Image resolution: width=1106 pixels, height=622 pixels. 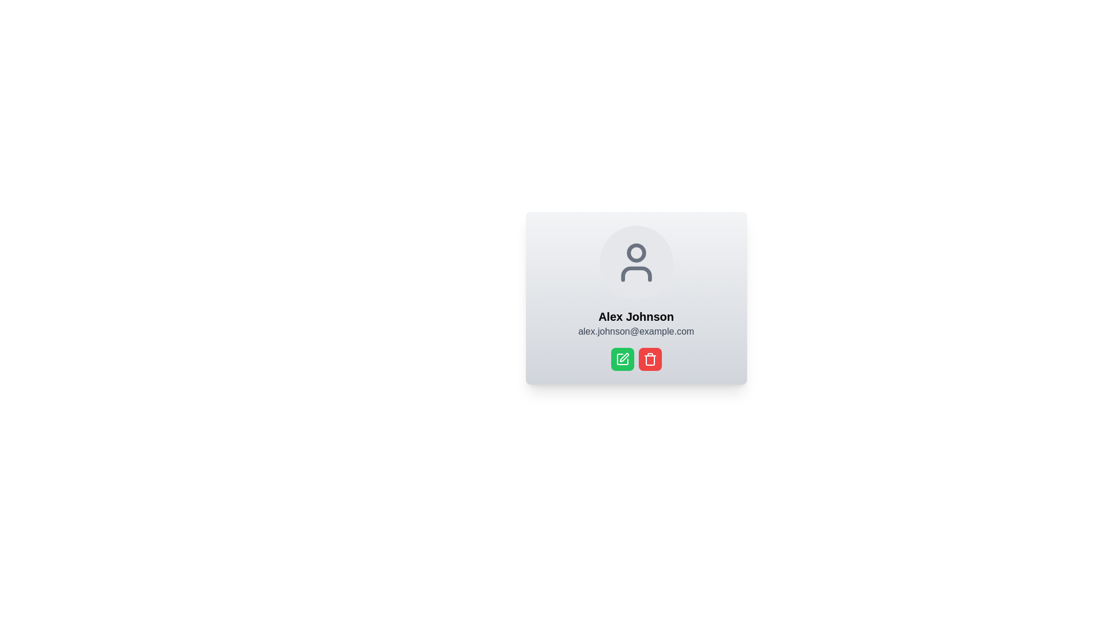 What do you see at coordinates (650, 359) in the screenshot?
I see `the trash bin icon button with a red background located at the bottom right corner of the card layout` at bounding box center [650, 359].